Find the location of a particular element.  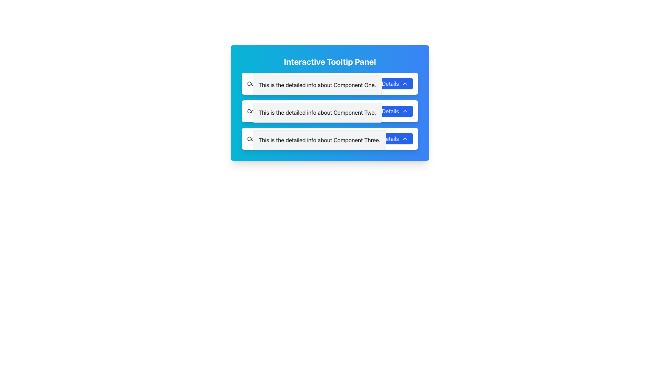

the informational tooltip with a light grey background that contains the text 'This is the detailed info about Component Two.', located beneath 'Component One' and above 'Component Three.' is located at coordinates (317, 112).